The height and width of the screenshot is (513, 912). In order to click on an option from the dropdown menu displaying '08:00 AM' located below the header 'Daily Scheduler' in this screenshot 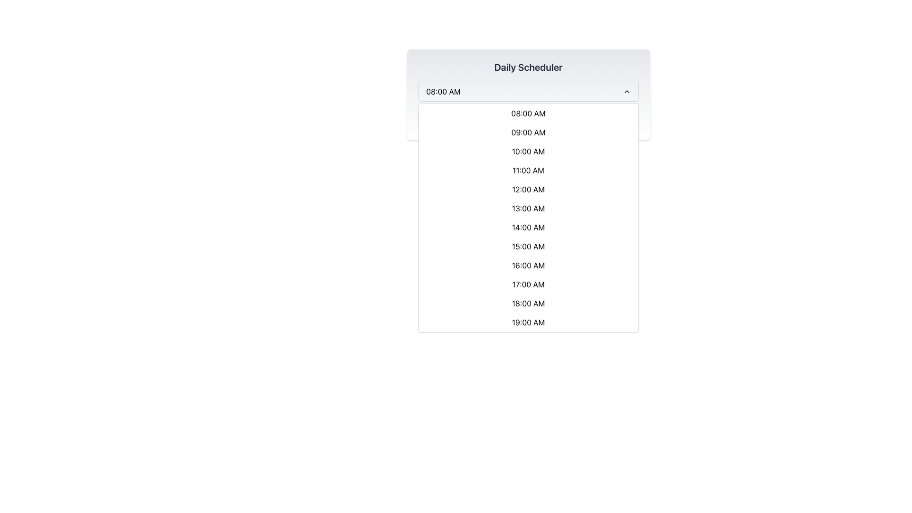, I will do `click(528, 91)`.